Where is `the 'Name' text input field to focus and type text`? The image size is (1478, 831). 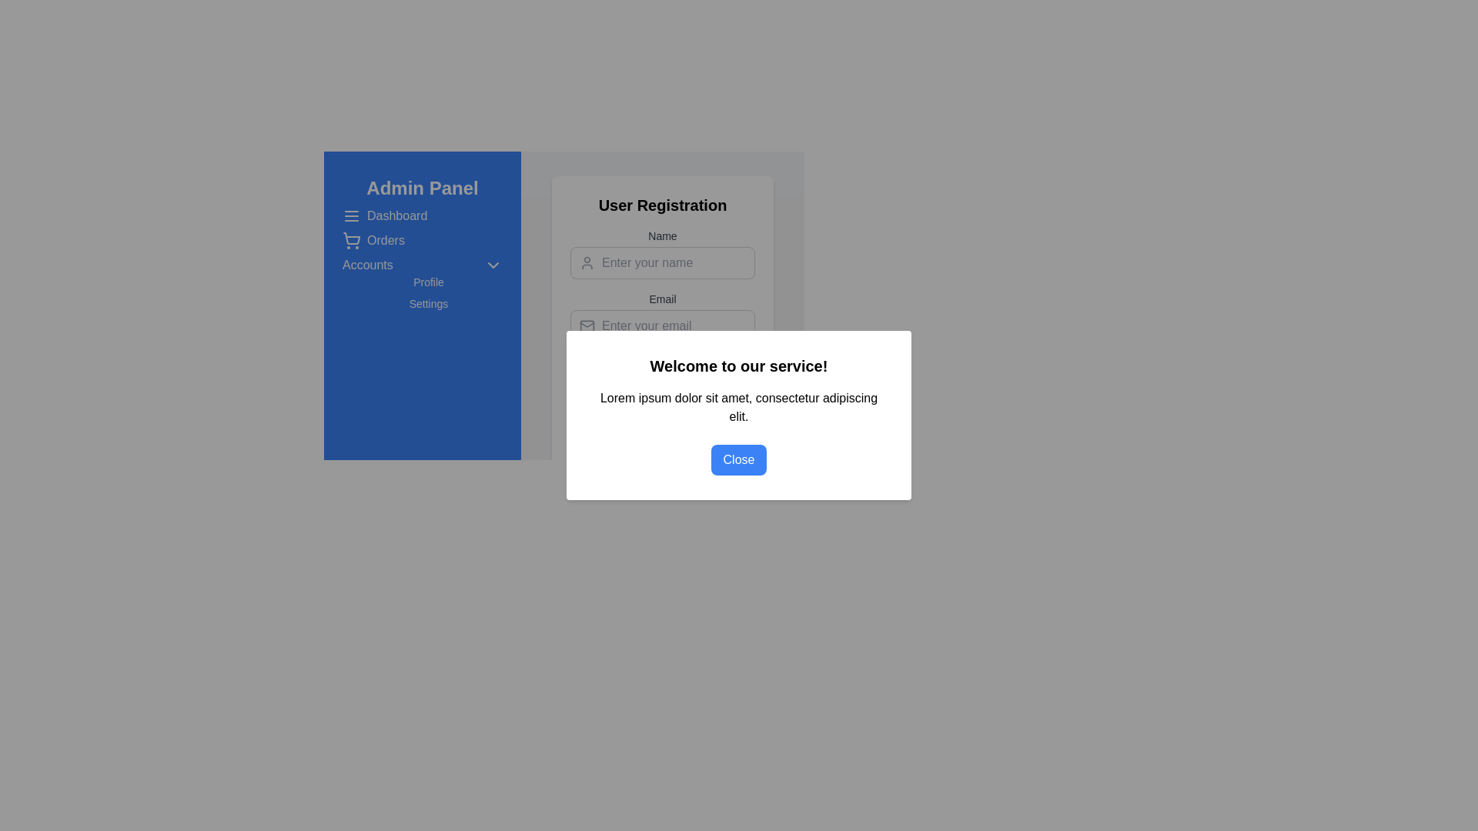
the 'Name' text input field to focus and type text is located at coordinates (662, 253).